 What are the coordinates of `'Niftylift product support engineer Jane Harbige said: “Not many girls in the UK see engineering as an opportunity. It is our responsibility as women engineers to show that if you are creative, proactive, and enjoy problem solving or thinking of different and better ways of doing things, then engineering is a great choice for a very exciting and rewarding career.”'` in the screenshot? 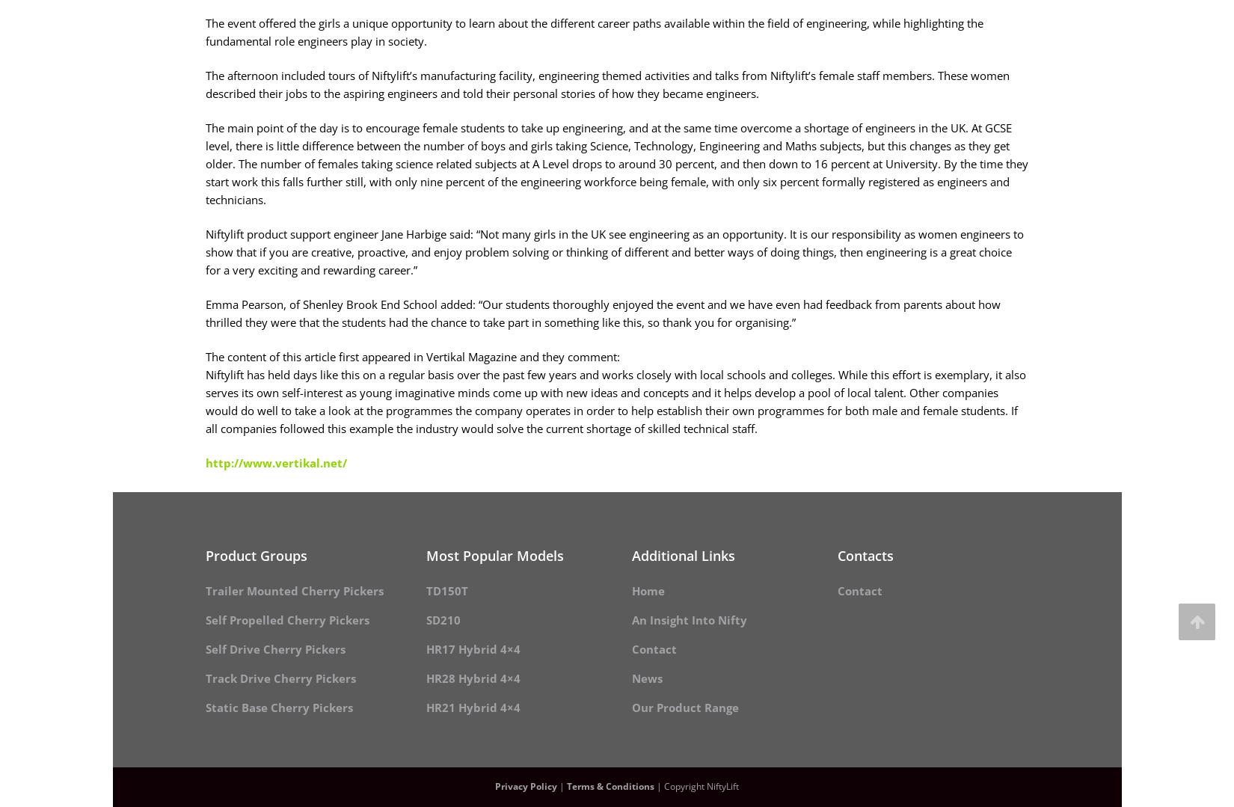 It's located at (614, 251).